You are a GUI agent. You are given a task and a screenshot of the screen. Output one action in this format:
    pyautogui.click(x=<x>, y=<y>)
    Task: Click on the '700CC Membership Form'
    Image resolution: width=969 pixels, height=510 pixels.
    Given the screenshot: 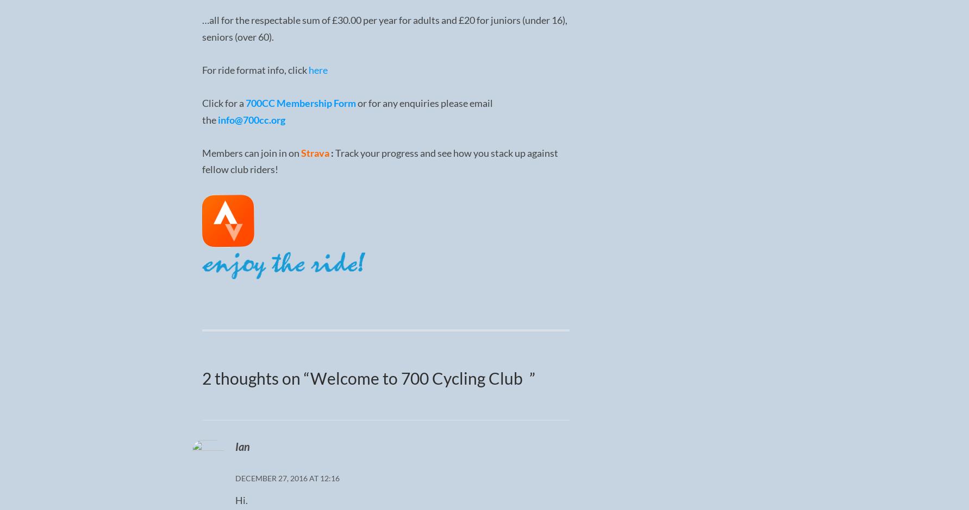 What is the action you would take?
    pyautogui.click(x=299, y=103)
    